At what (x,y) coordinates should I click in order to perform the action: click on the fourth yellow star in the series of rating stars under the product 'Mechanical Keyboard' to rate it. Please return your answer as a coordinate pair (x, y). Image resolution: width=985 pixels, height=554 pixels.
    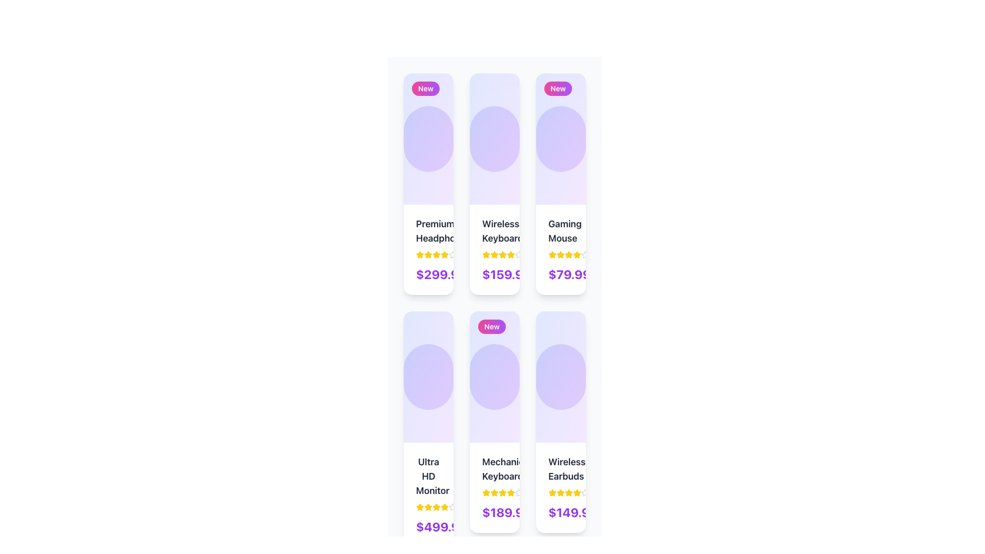
    Looking at the image, I should click on (502, 492).